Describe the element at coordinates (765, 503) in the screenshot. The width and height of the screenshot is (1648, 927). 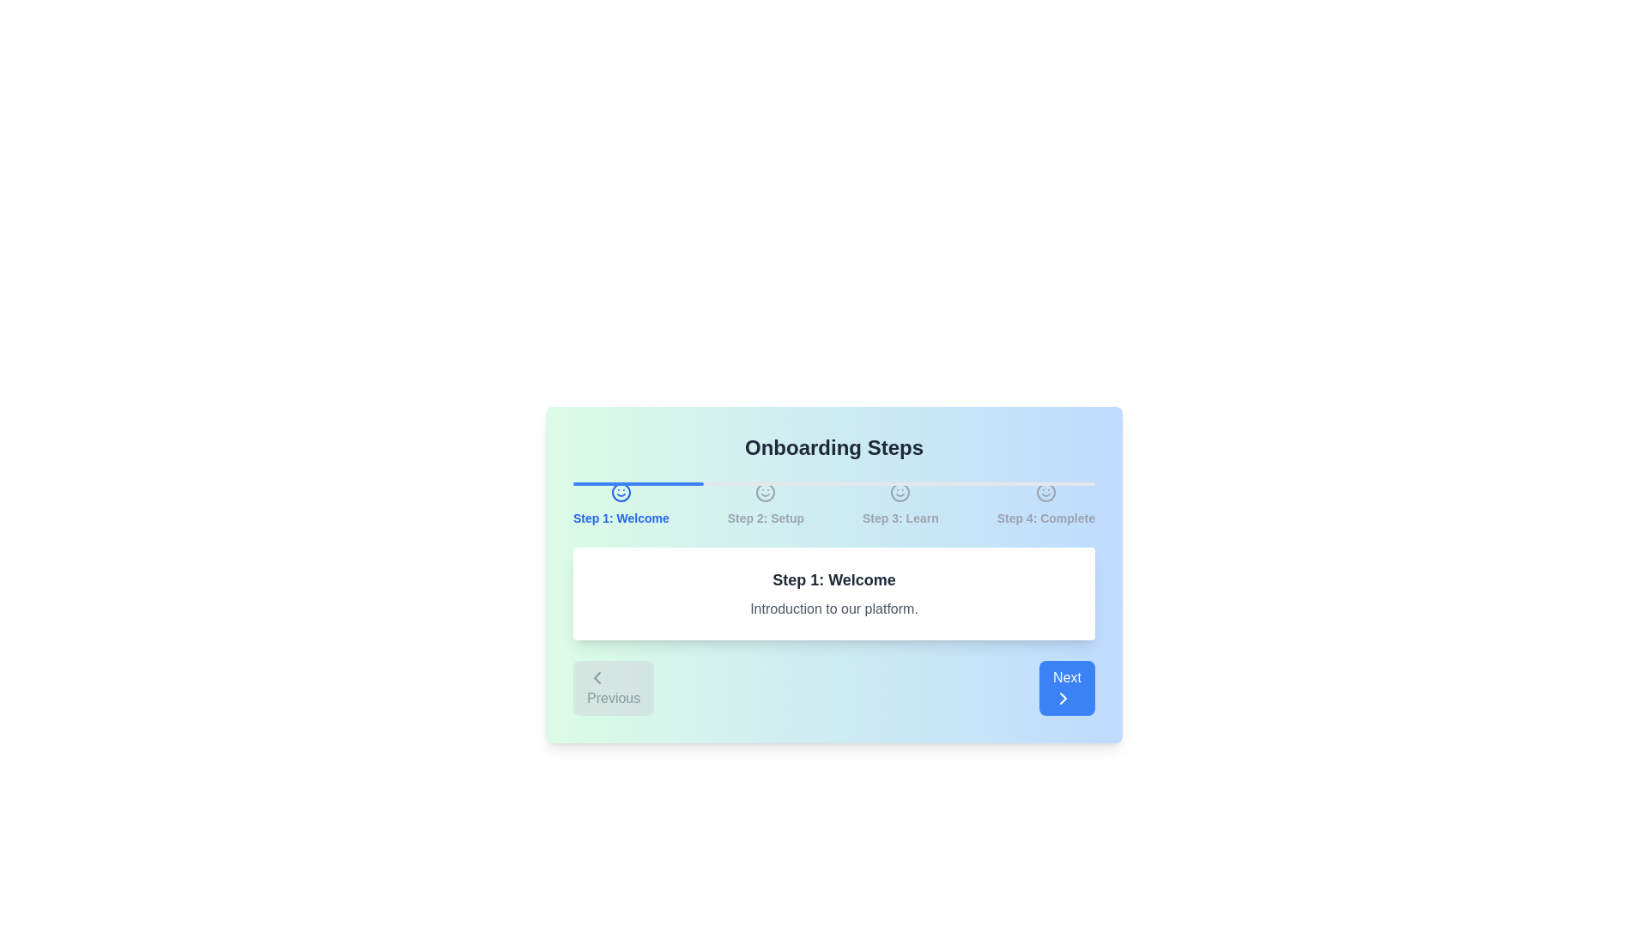
I see `the label of the second step in the onboarding process, which indicates necessary setup for the onboarding` at that location.